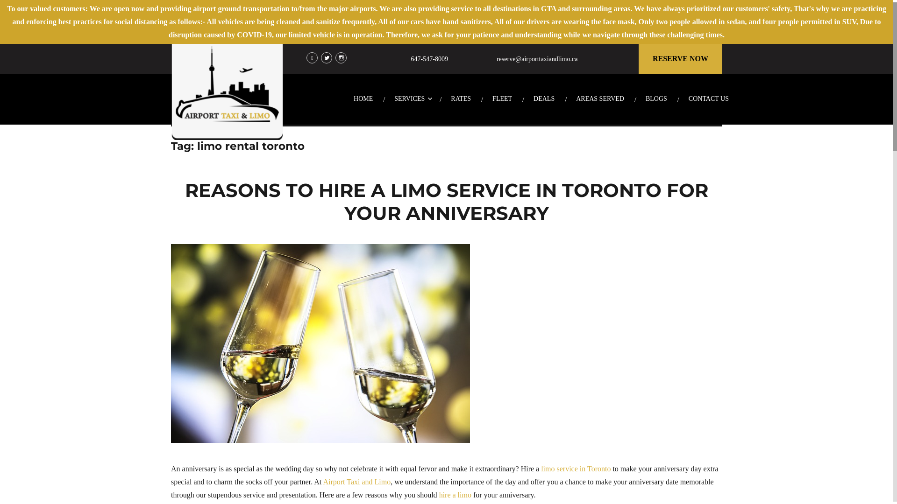  Describe the element at coordinates (411, 99) in the screenshot. I see `'SERVICES'` at that location.